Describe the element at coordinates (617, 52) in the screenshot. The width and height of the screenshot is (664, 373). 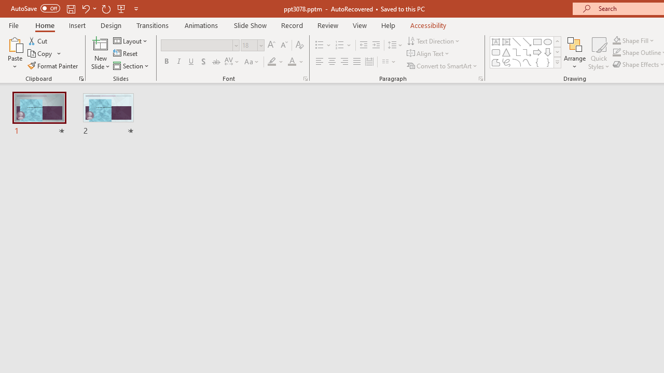
I see `'Shape Outline Green, Accent 1'` at that location.